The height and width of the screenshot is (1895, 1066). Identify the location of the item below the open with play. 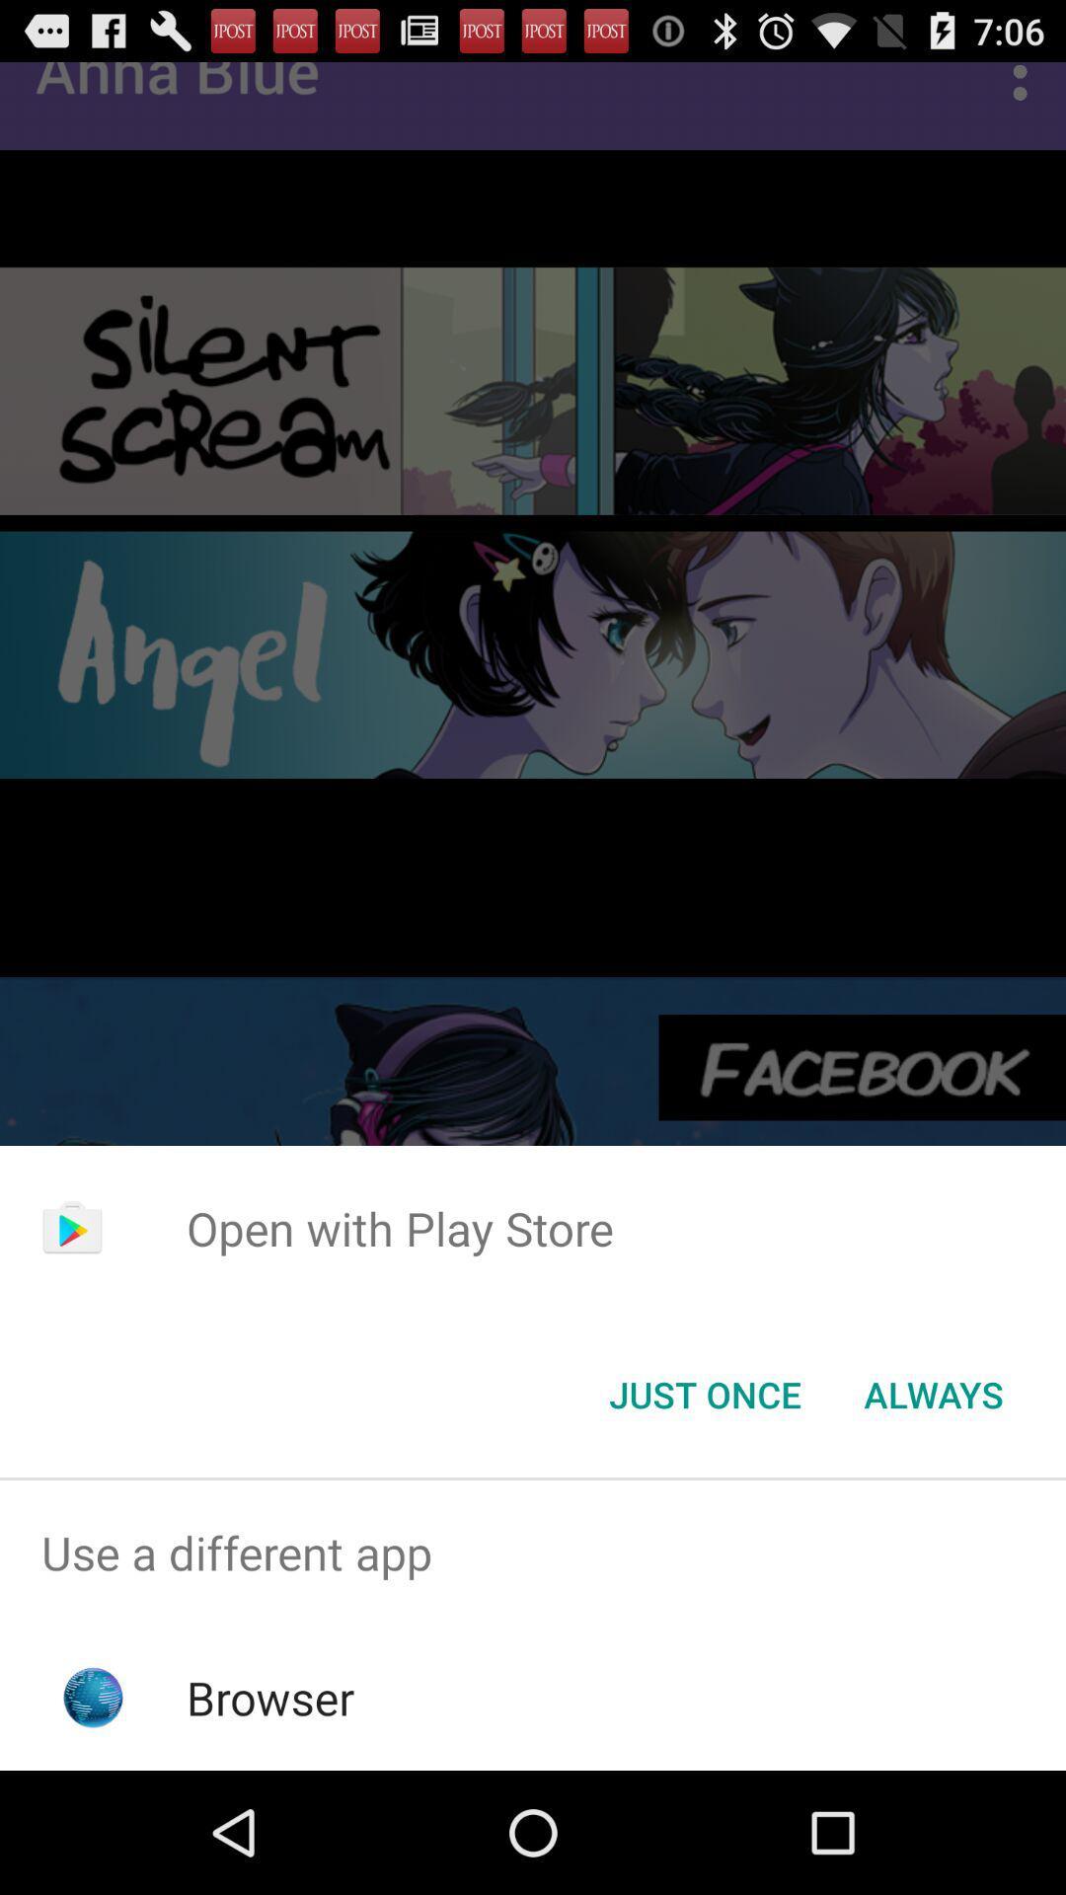
(933, 1393).